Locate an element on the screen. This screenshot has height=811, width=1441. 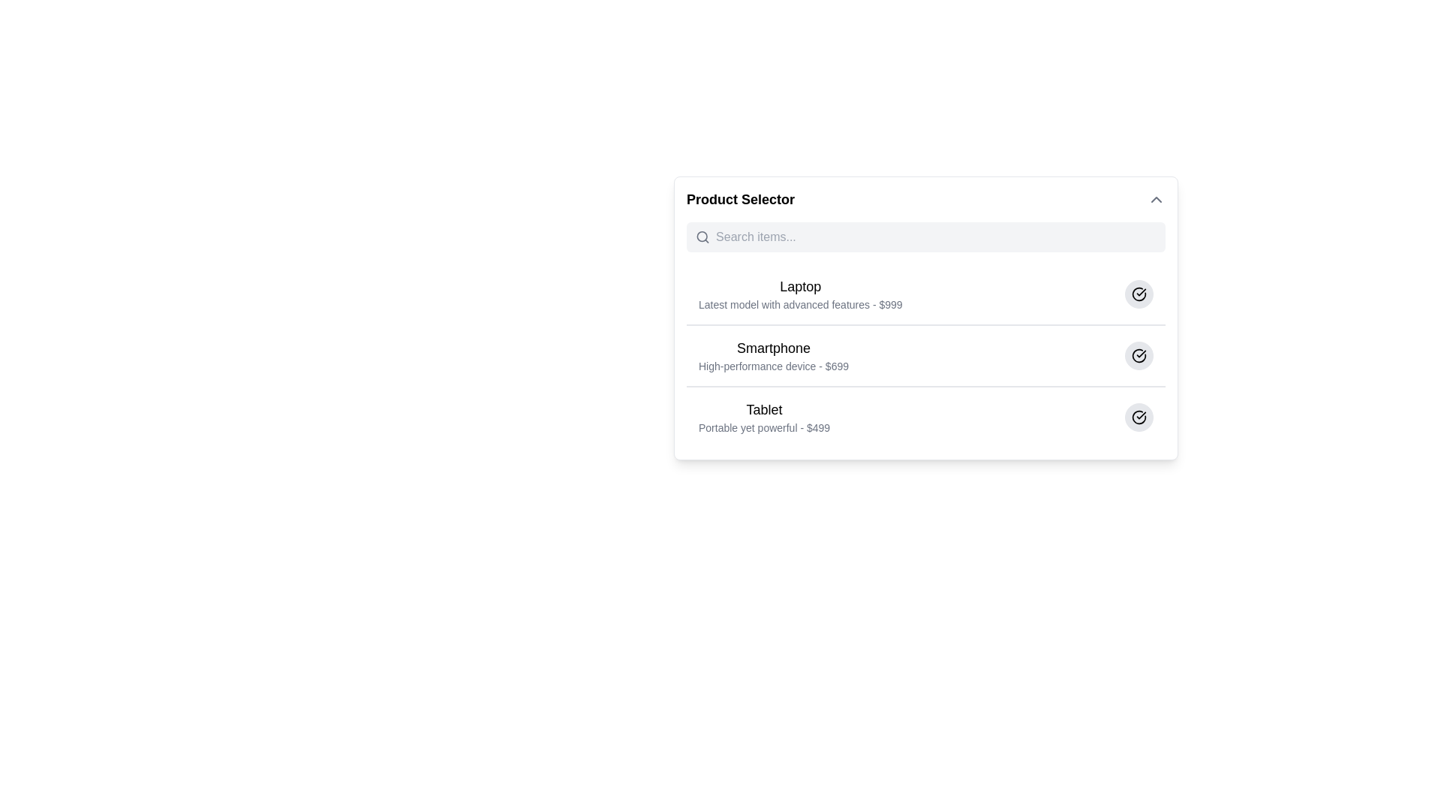
informational label indicating the name and details of the product (Laptop) within the 'Product Selector' list, specifically the first item above 'Smartphone' and 'Tablet' is located at coordinates (799, 294).